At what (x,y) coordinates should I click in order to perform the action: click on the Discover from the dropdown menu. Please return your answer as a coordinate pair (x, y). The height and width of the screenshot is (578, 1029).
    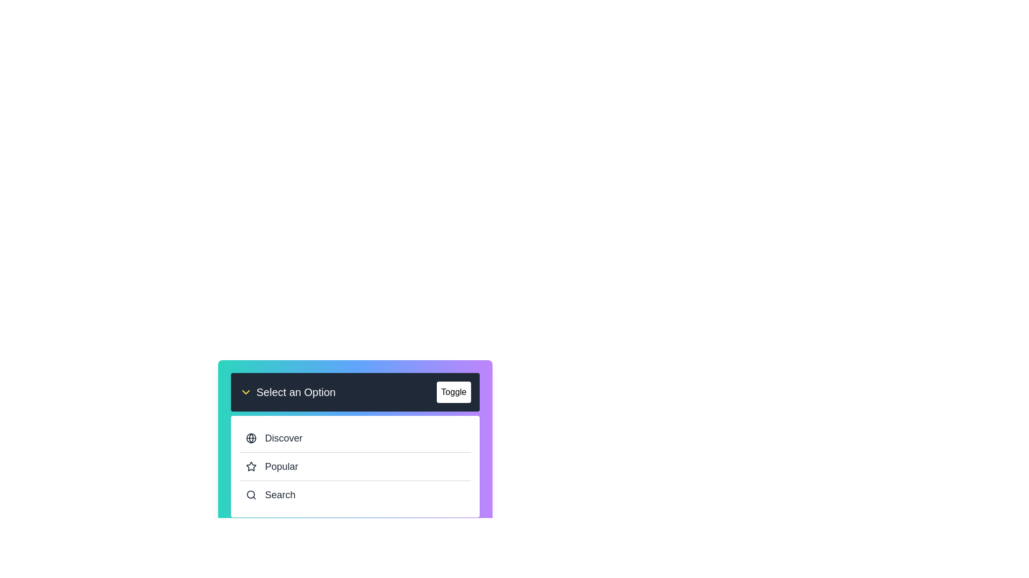
    Looking at the image, I should click on (355, 438).